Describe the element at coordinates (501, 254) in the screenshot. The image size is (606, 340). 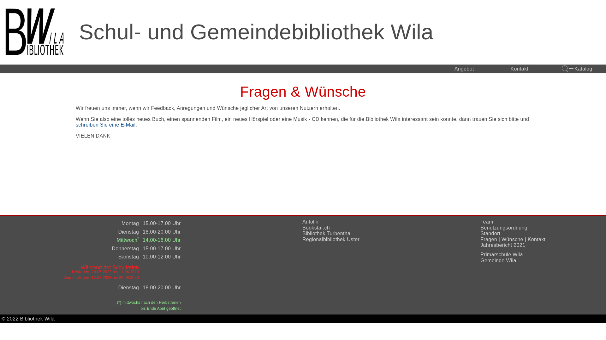
I see `'Primarschule Wila'` at that location.